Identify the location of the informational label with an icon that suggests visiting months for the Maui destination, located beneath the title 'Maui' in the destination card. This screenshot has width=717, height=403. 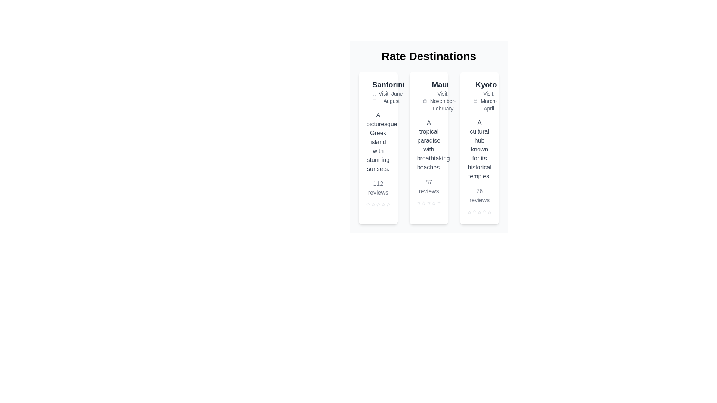
(440, 101).